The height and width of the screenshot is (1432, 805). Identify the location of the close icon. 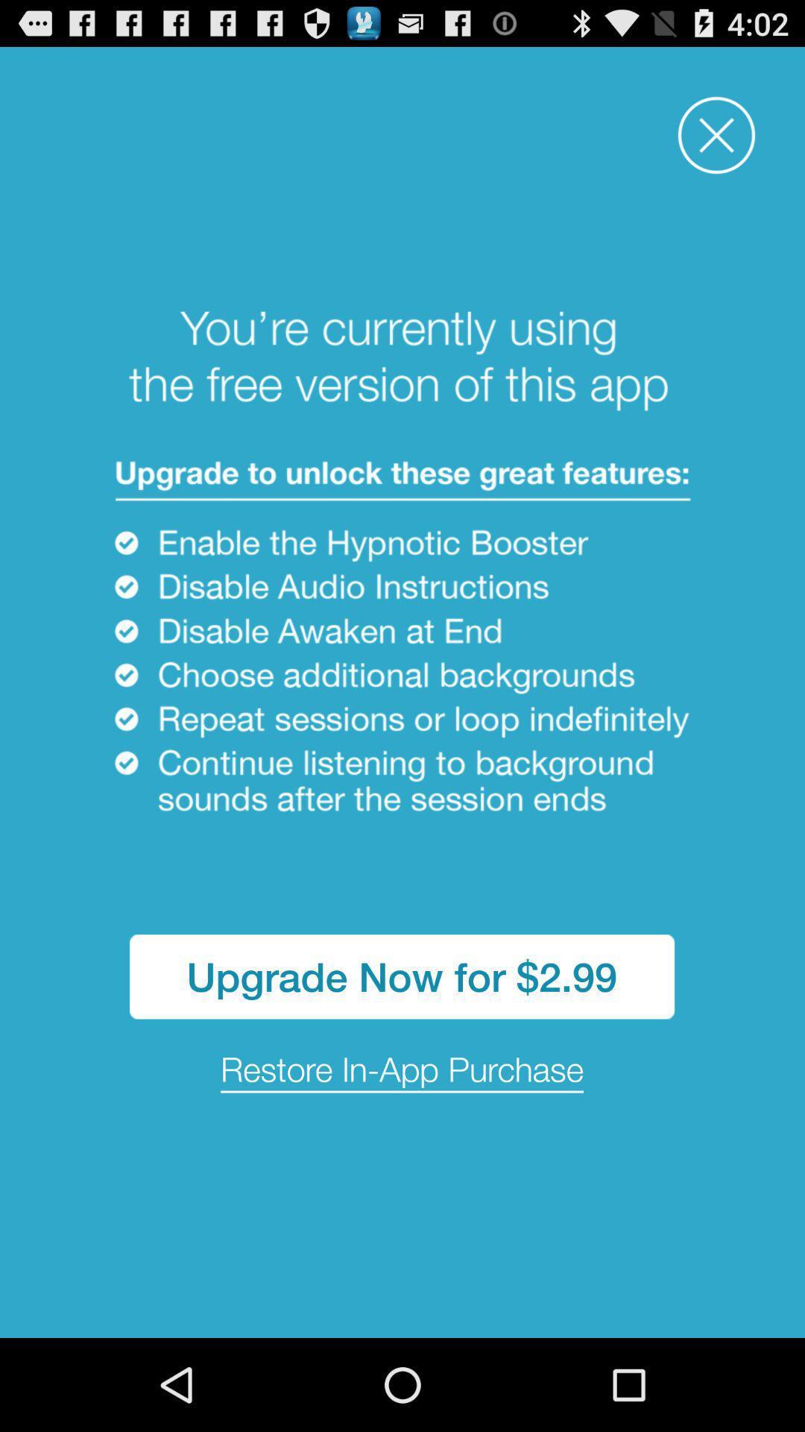
(716, 145).